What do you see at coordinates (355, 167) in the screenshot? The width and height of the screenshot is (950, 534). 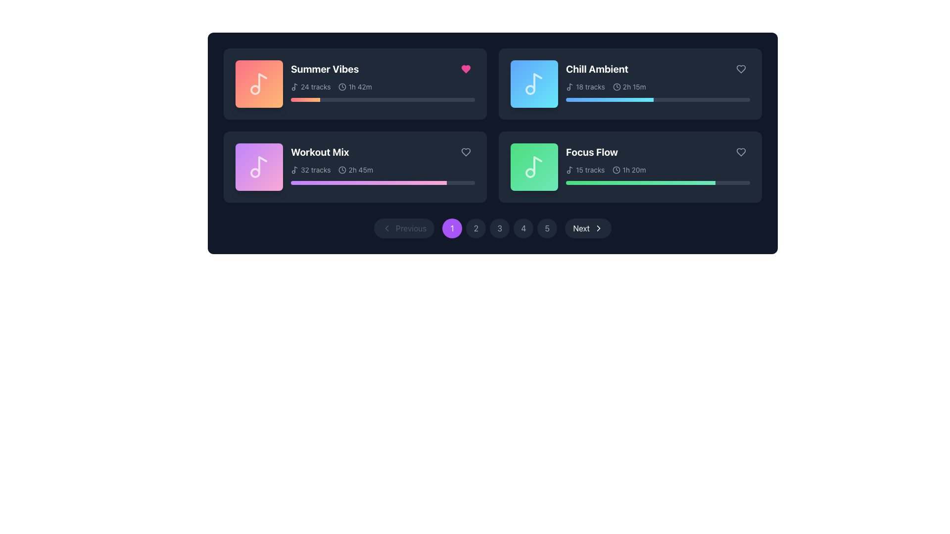 I see `the Card component that provides information about a playlist, which is located` at bounding box center [355, 167].